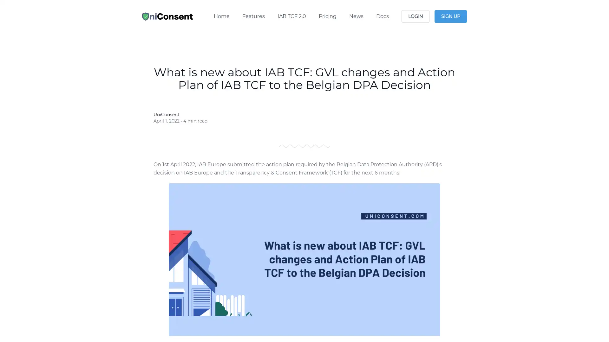 The height and width of the screenshot is (342, 609). I want to click on Reject All, so click(89, 330).